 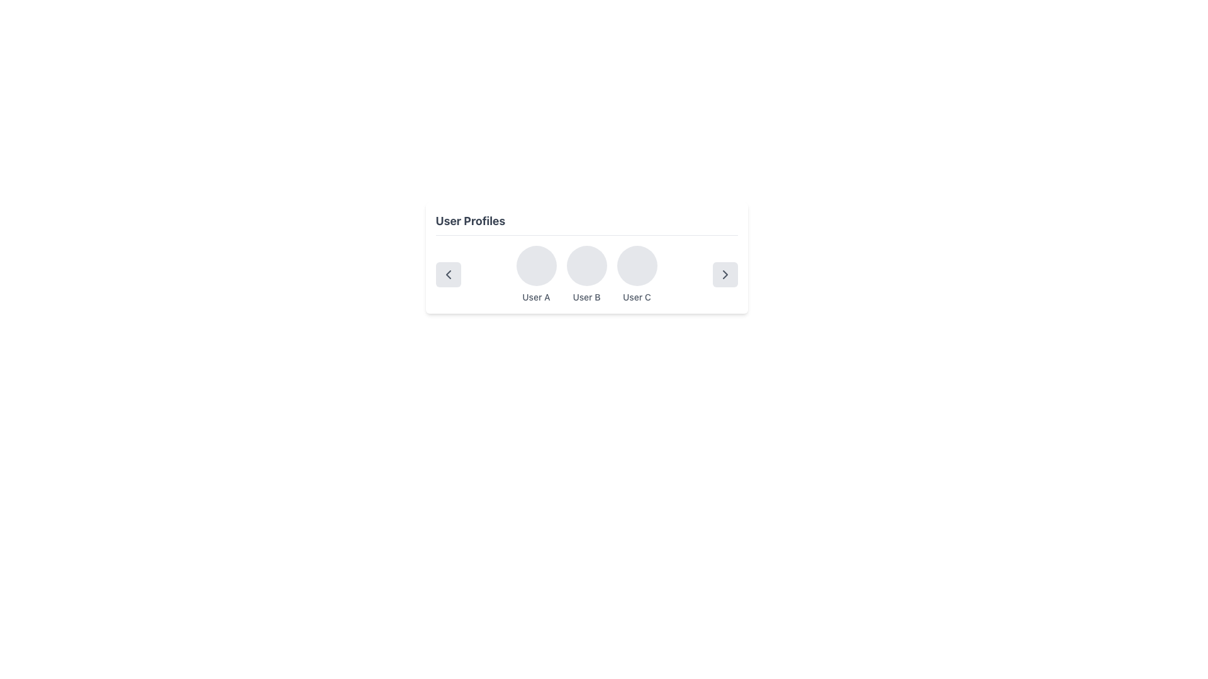 What do you see at coordinates (725, 273) in the screenshot?
I see `the arrow icon in the navigation button located at the far right side of the 'User Profiles' section` at bounding box center [725, 273].